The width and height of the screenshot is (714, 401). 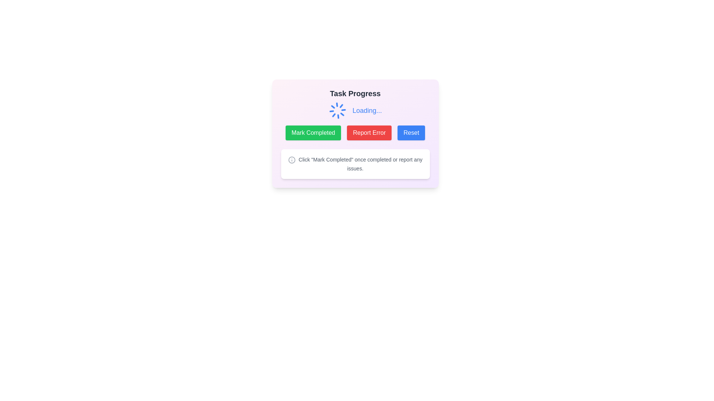 What do you see at coordinates (337, 110) in the screenshot?
I see `the SVG spinner loader icon, which is a blue circular arrangement of stroke patterns located next to the text 'Loading...' at the top of the 'Task Progress' card` at bounding box center [337, 110].